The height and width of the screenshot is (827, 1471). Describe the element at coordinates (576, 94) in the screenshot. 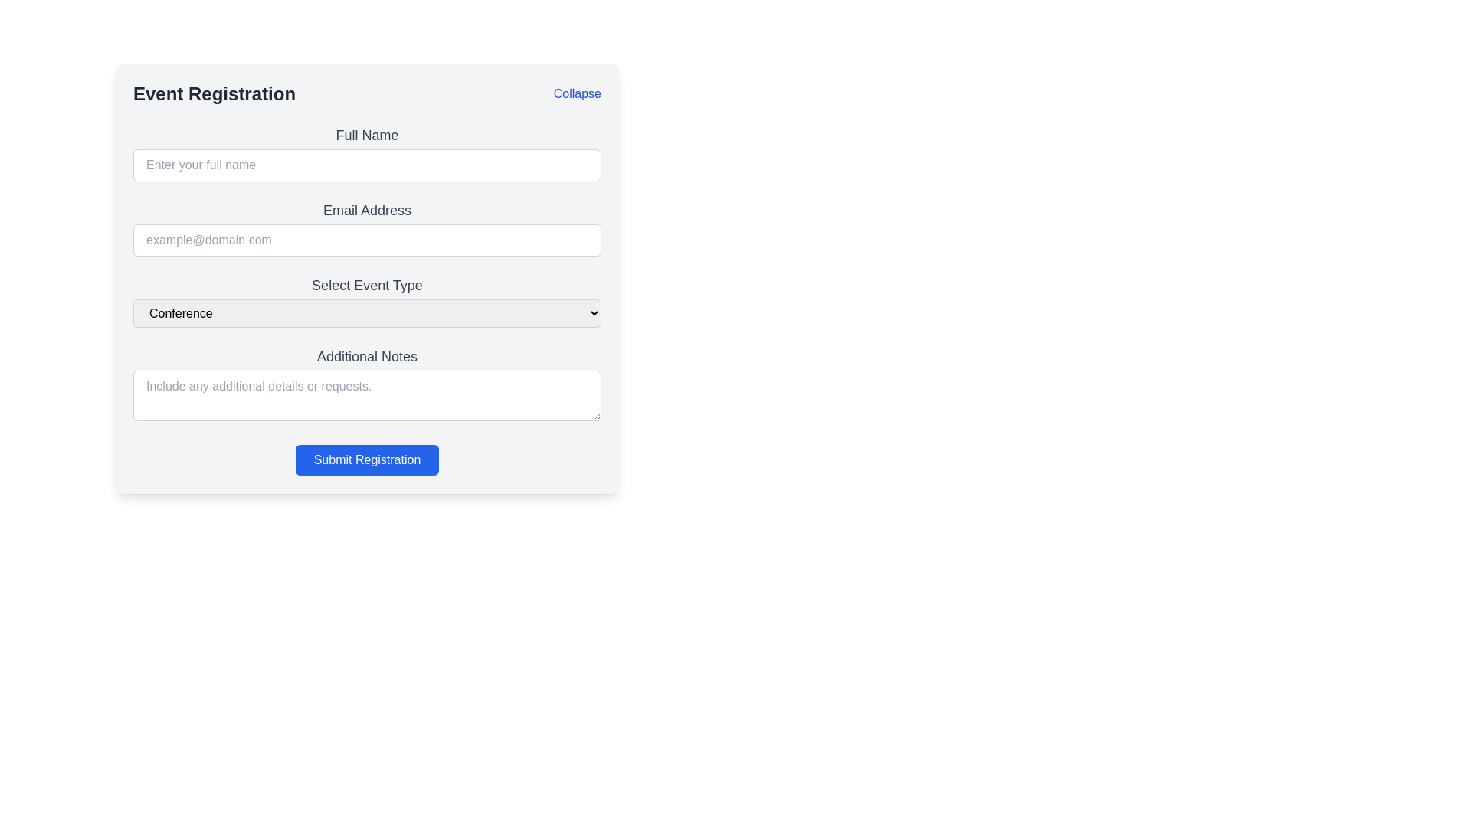

I see `the 'Collapse' hyperlink in the top-right corner of the 'Event Registration' section` at that location.